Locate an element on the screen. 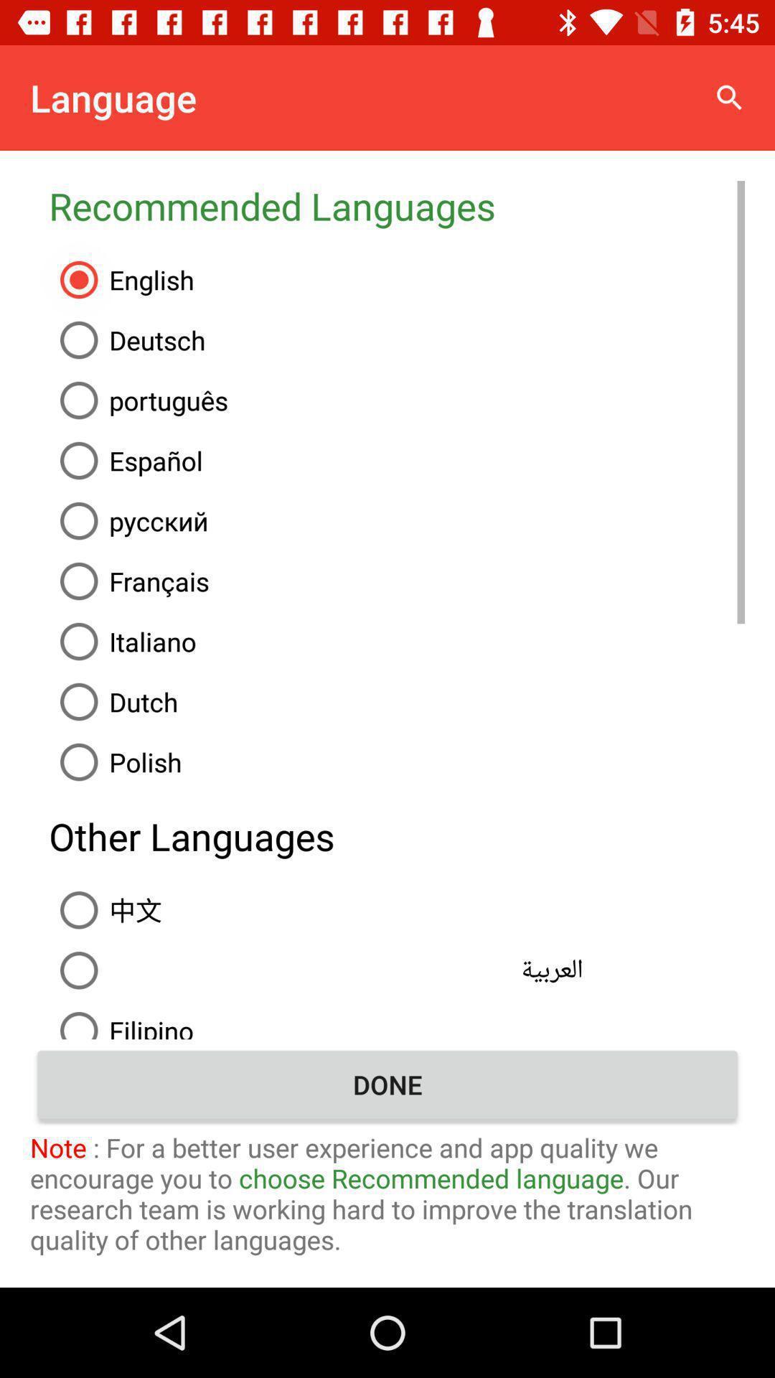  icon above the polish is located at coordinates (397, 702).